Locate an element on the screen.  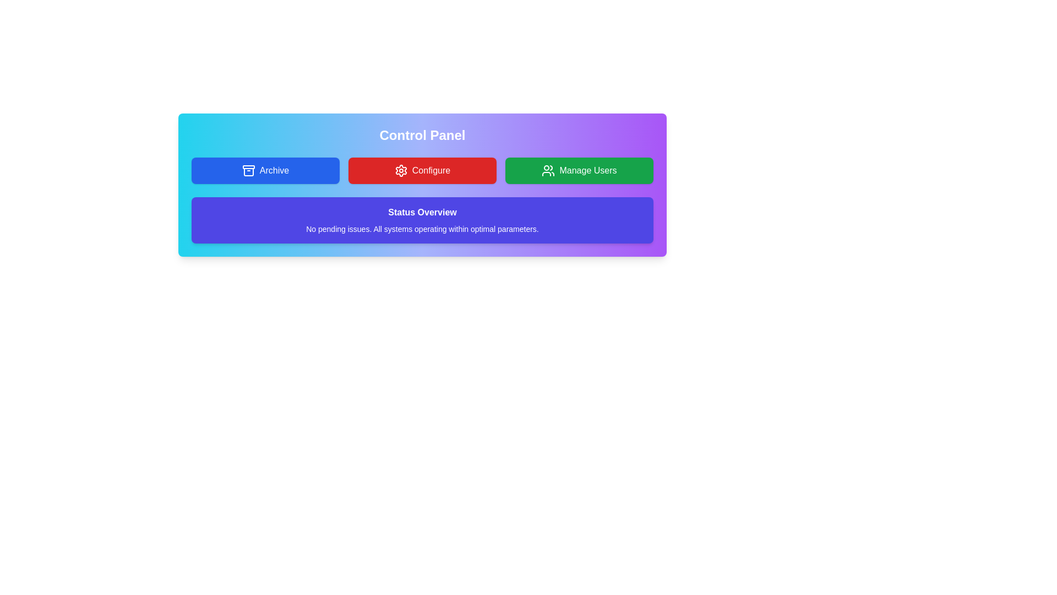
the first button from the left is located at coordinates (265, 170).